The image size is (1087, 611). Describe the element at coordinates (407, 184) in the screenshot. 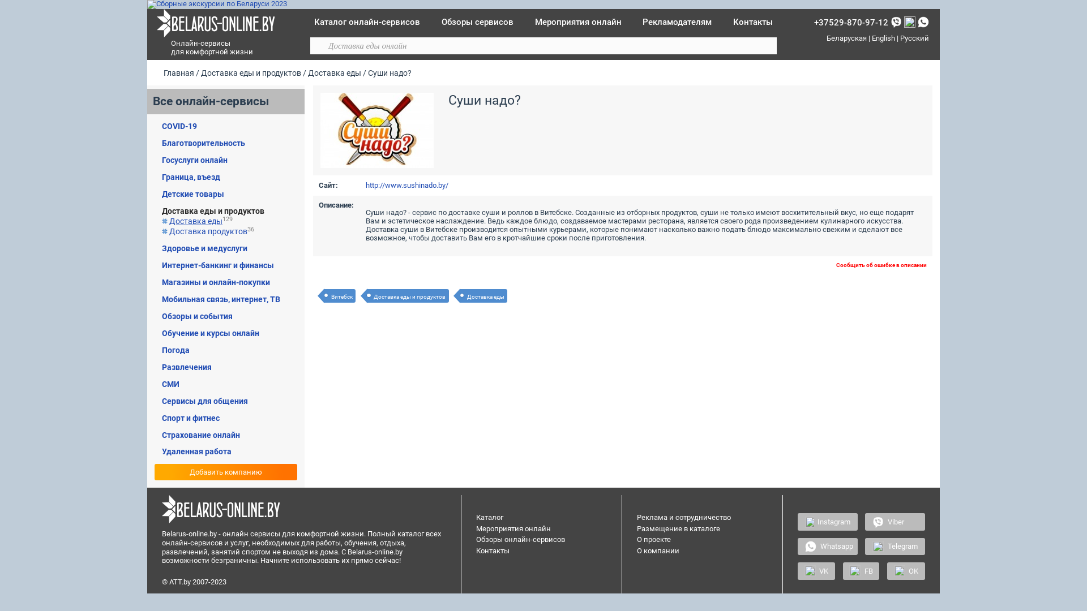

I see `'http://www.sushinado.by/'` at that location.